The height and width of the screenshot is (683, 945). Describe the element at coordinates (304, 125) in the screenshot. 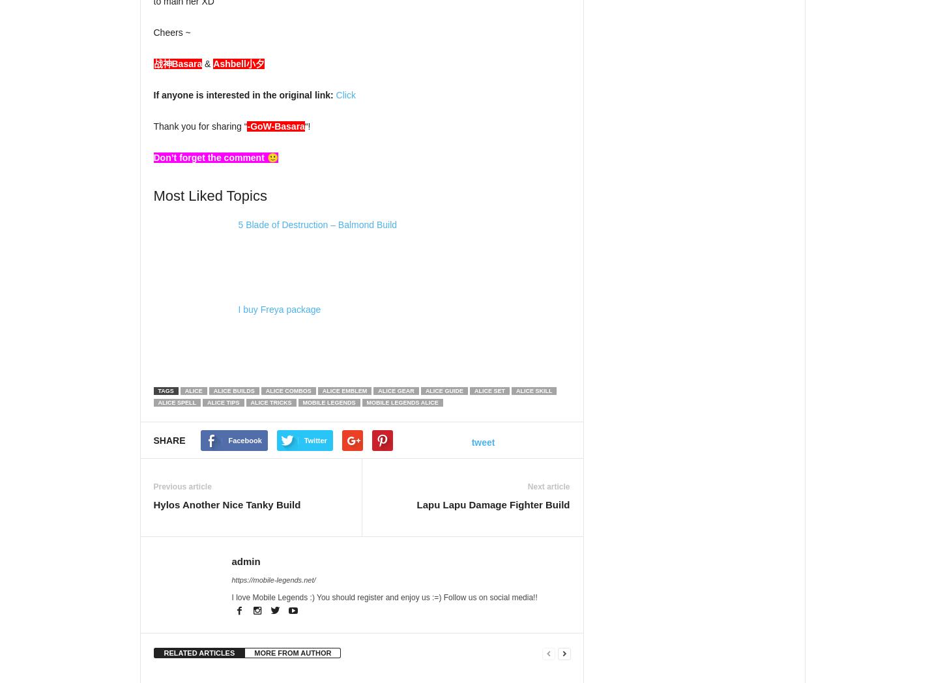

I see `'“!'` at that location.